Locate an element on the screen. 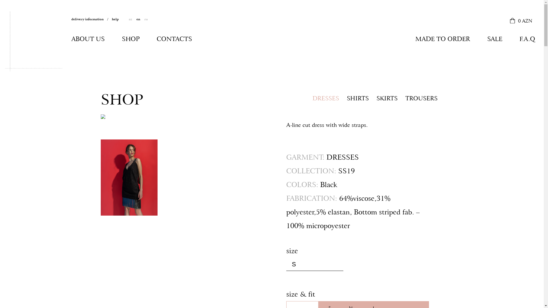 This screenshot has height=308, width=548. 'SALE' is located at coordinates (487, 39).